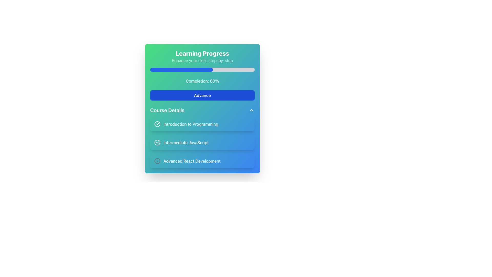 The width and height of the screenshot is (492, 277). Describe the element at coordinates (181, 70) in the screenshot. I see `the progress bar segment indicating 60% completion, which is located under the 'Learning Progress' heading and above the 'Advance' button` at that location.